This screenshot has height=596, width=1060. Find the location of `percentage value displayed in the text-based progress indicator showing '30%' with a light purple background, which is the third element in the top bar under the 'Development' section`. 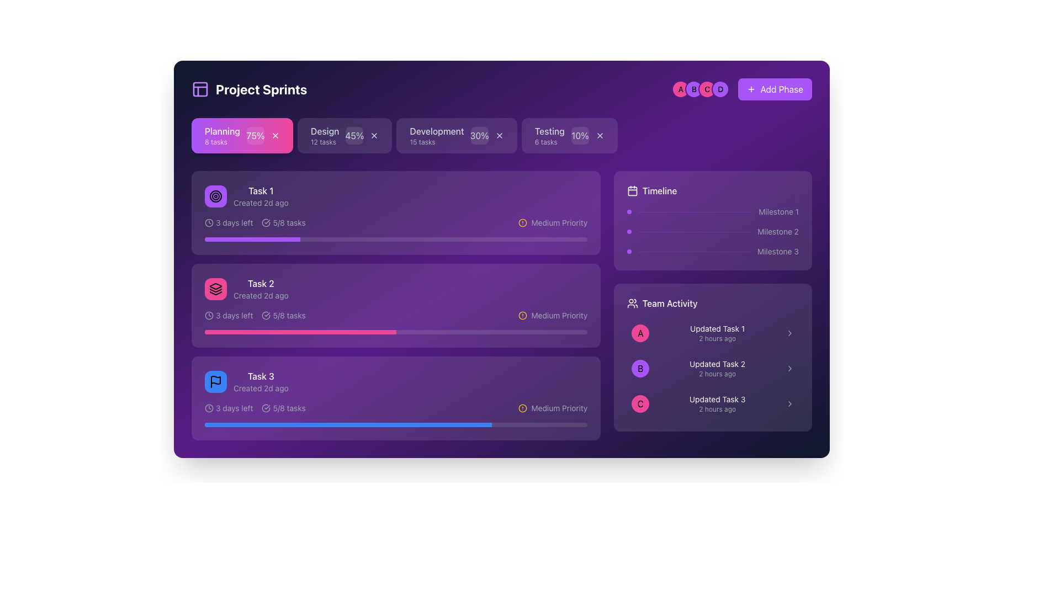

percentage value displayed in the text-based progress indicator showing '30%' with a light purple background, which is the third element in the top bar under the 'Development' section is located at coordinates (479, 135).